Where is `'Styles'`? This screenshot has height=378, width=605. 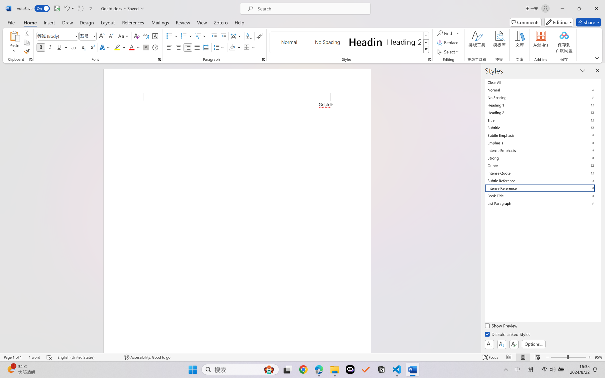
'Styles' is located at coordinates (426, 49).